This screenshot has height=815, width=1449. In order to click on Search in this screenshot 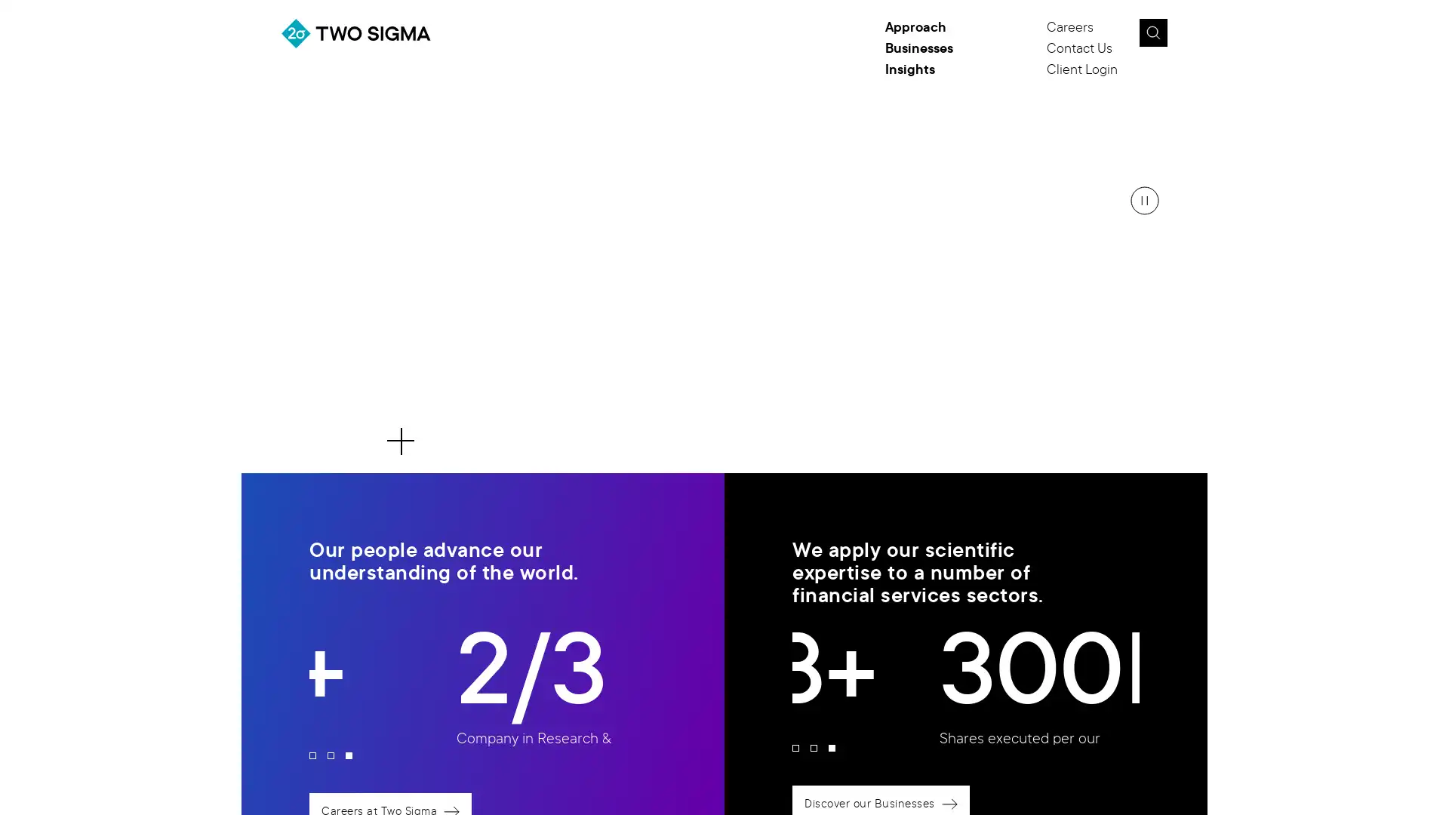, I will do `click(1152, 32)`.